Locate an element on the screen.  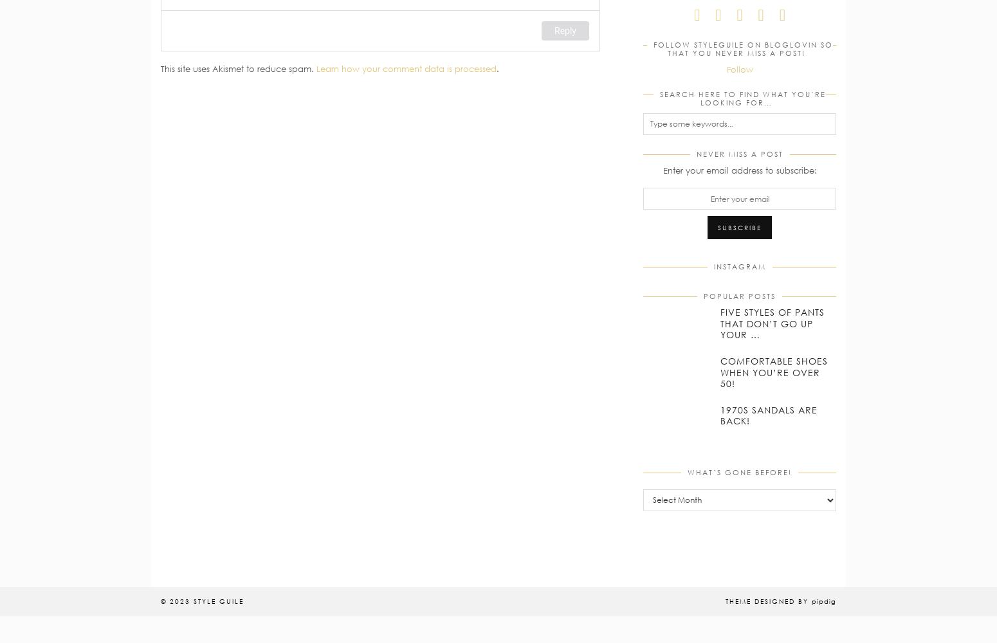
'Style Guile' is located at coordinates (218, 601).